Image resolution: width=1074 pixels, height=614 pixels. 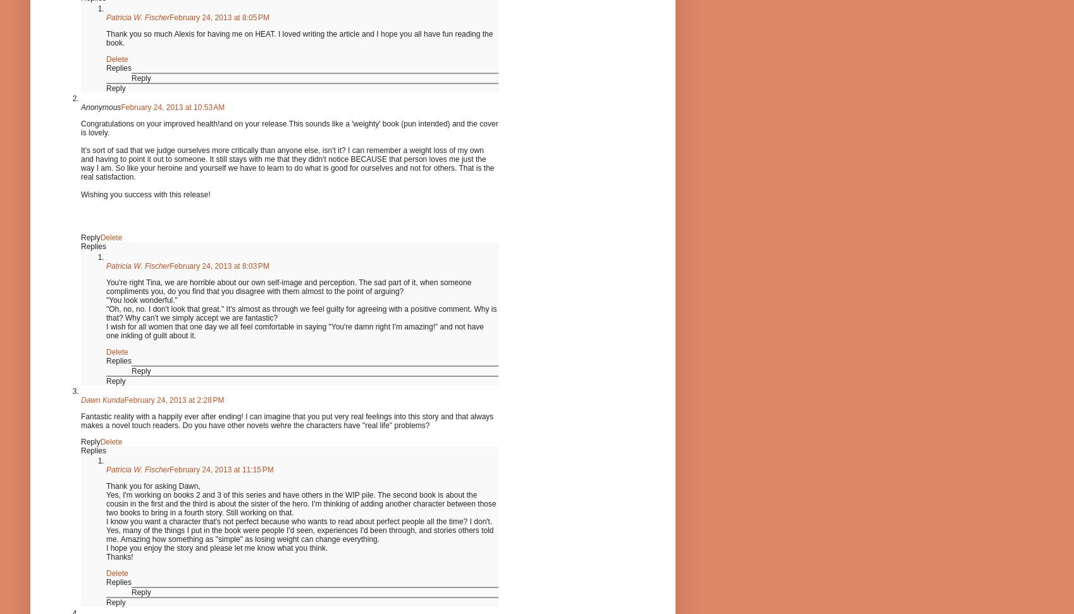 What do you see at coordinates (293, 329) in the screenshot?
I see `'I wish for all women that one day we all feel comfortable in saying "You're damn right I'm amazing!" and not have one inkling of guilt about it.'` at bounding box center [293, 329].